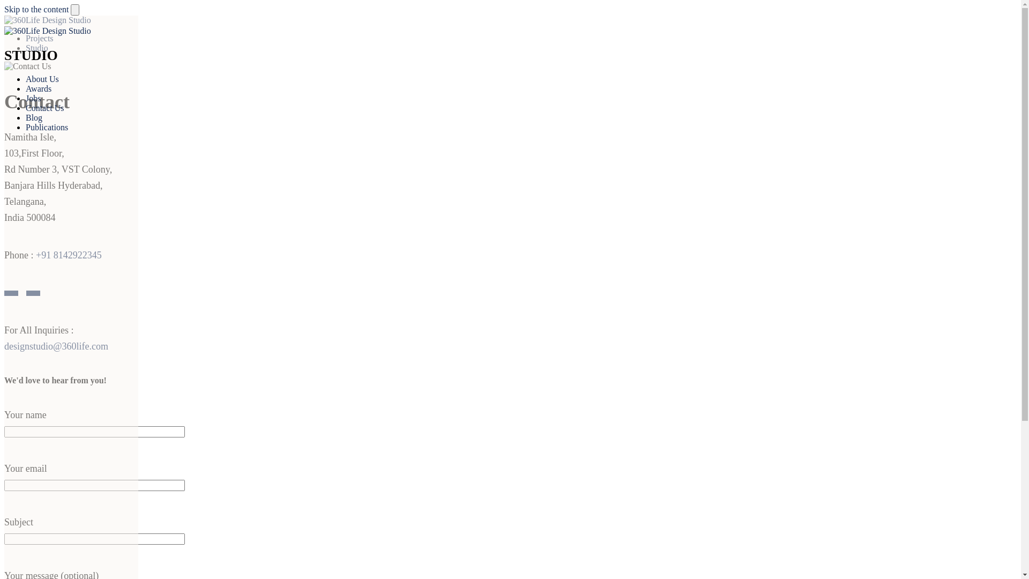 This screenshot has width=1029, height=579. Describe the element at coordinates (68, 255) in the screenshot. I see `'+91 8142922345'` at that location.